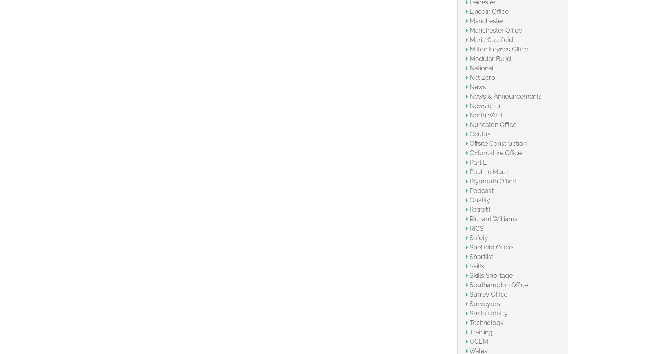 The width and height of the screenshot is (665, 354). I want to click on 'Retrofit', so click(479, 209).